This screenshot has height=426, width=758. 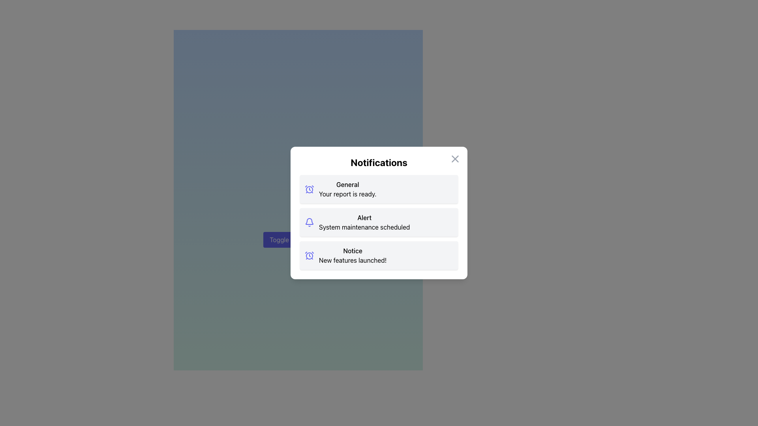 What do you see at coordinates (309, 222) in the screenshot?
I see `the notification icon representing alerts, which is located to the left of the text 'Alert System maintenance scheduled.'` at bounding box center [309, 222].